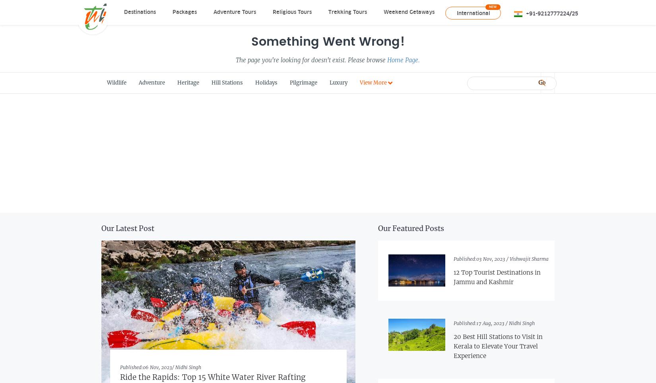 Image resolution: width=656 pixels, height=383 pixels. I want to click on '17 Aug, 2023 /', so click(492, 323).